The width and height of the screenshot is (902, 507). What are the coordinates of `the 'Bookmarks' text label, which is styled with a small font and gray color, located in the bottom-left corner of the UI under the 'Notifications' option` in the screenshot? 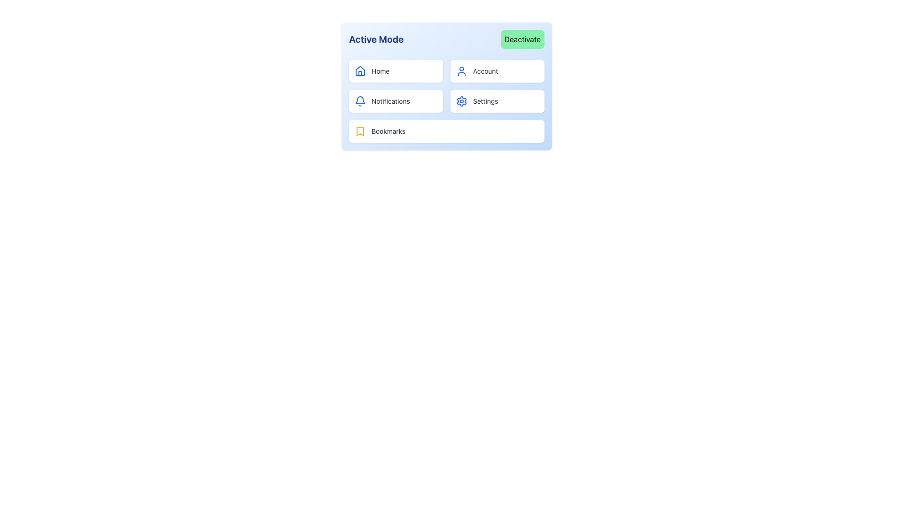 It's located at (388, 131).